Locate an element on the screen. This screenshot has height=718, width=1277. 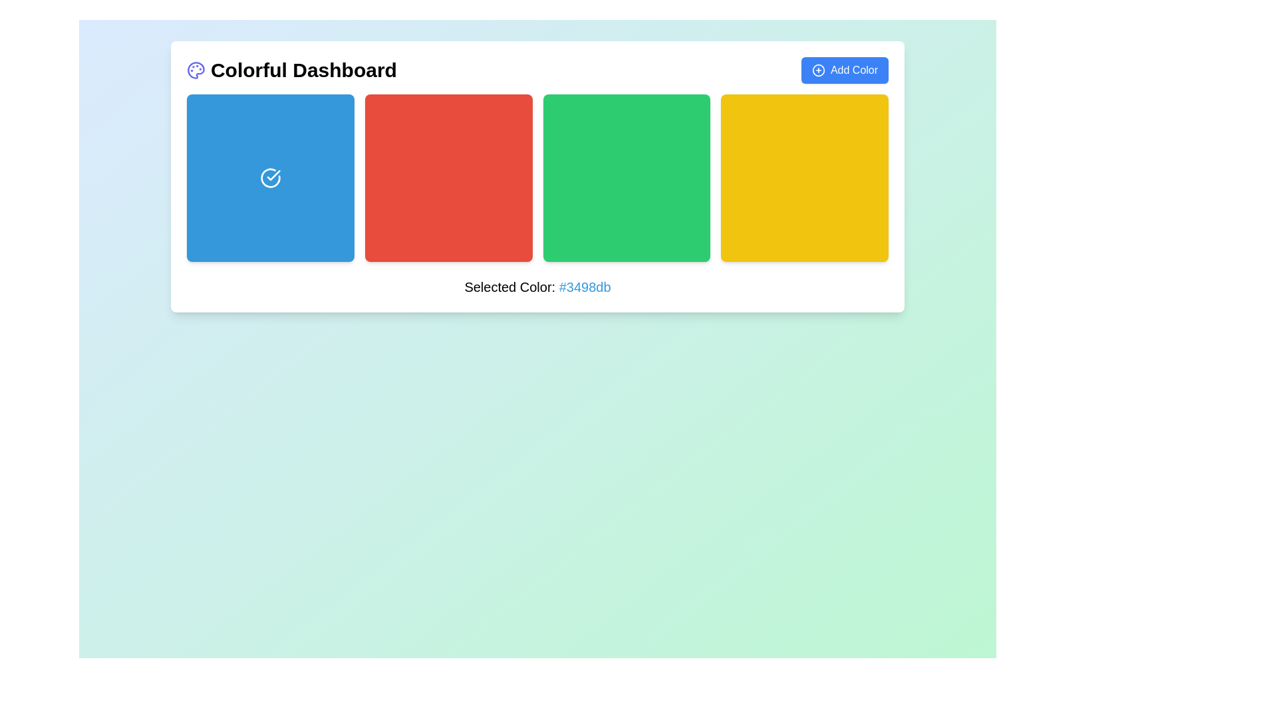
the decorative icon located at the top left corner of the card titled 'Colorful Dashboard', positioned immediately to the left of the text is located at coordinates (195, 70).